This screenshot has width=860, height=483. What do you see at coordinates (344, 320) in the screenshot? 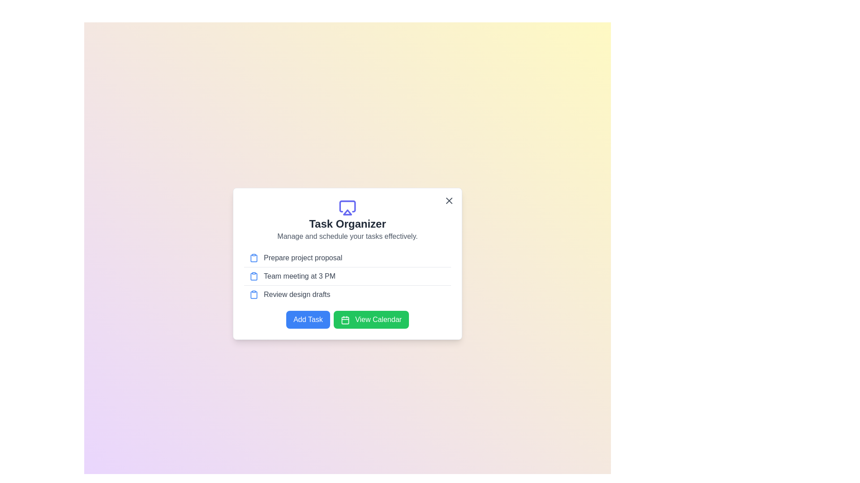
I see `the rectangular shape with rounded corners inside the calendar icon located within the 'View Calendar' button at the bottom right of the interface` at bounding box center [344, 320].